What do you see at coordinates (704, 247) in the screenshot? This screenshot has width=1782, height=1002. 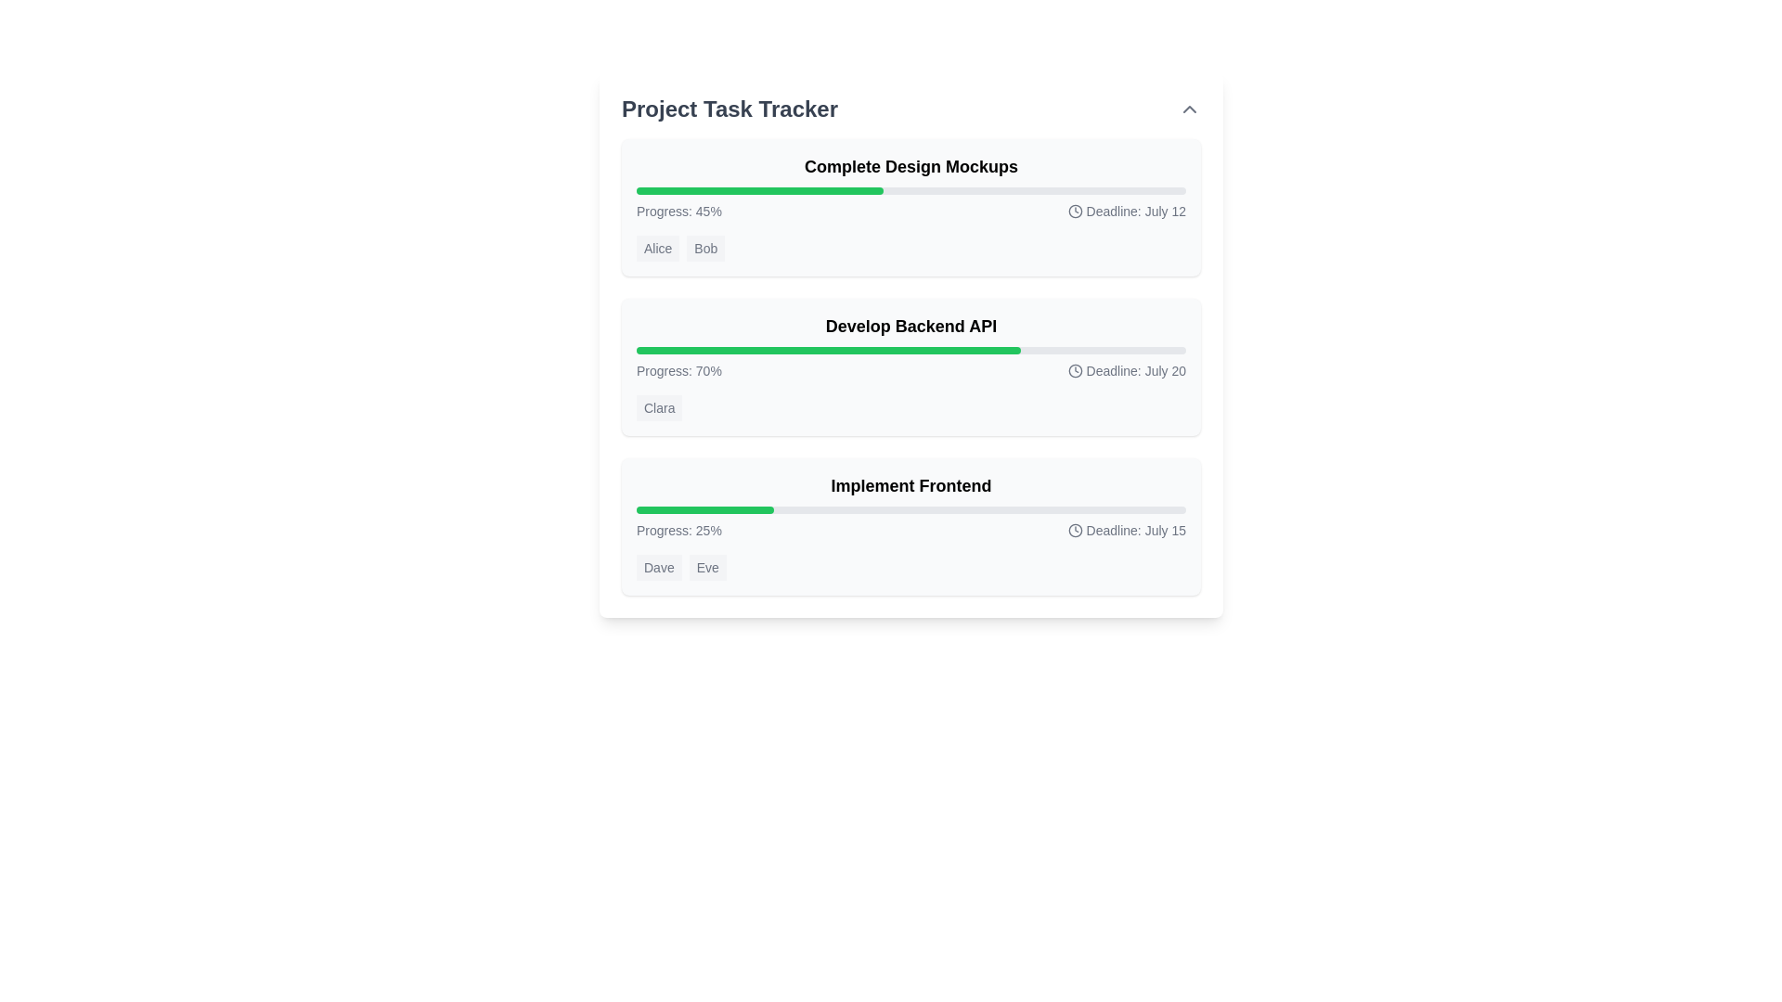 I see `the label displaying the name 'Bob', which is positioned in a rounded rectangle with a light gray background, located after the label 'Alice' in the 'Complete Design Mockups' task section` at bounding box center [704, 247].